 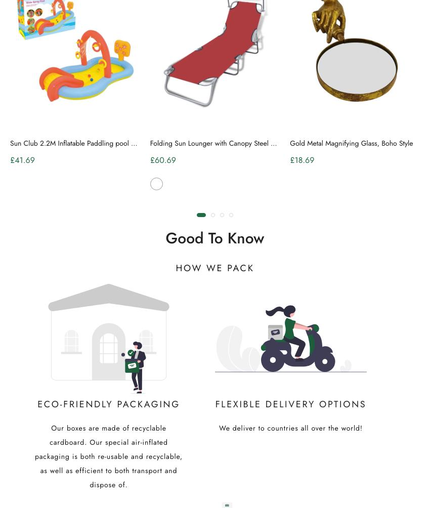 What do you see at coordinates (302, 160) in the screenshot?
I see `'£18.69'` at bounding box center [302, 160].